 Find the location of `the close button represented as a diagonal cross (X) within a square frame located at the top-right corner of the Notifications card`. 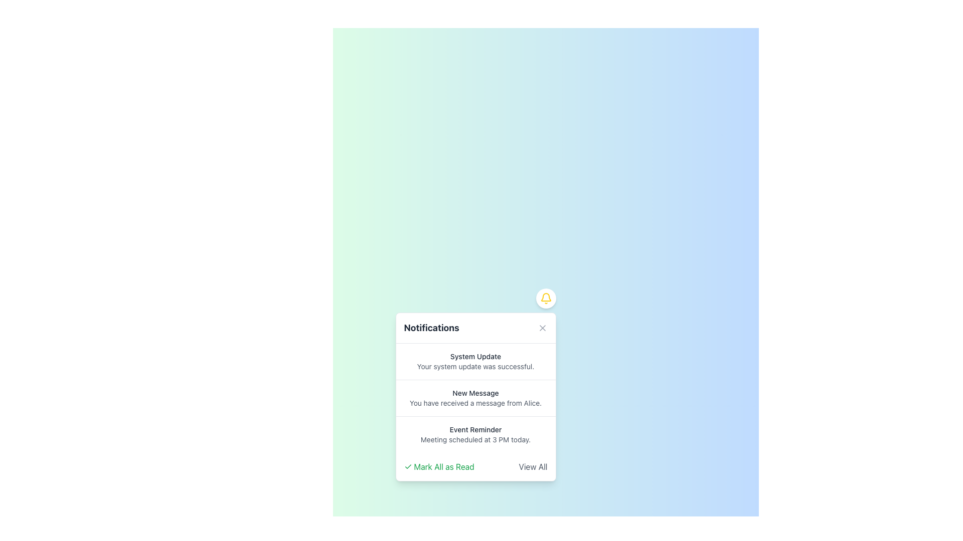

the close button represented as a diagonal cross (X) within a square frame located at the top-right corner of the Notifications card is located at coordinates (542, 328).